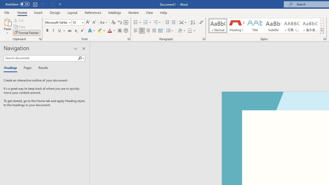  What do you see at coordinates (52, 4) in the screenshot?
I see `'Can'` at bounding box center [52, 4].